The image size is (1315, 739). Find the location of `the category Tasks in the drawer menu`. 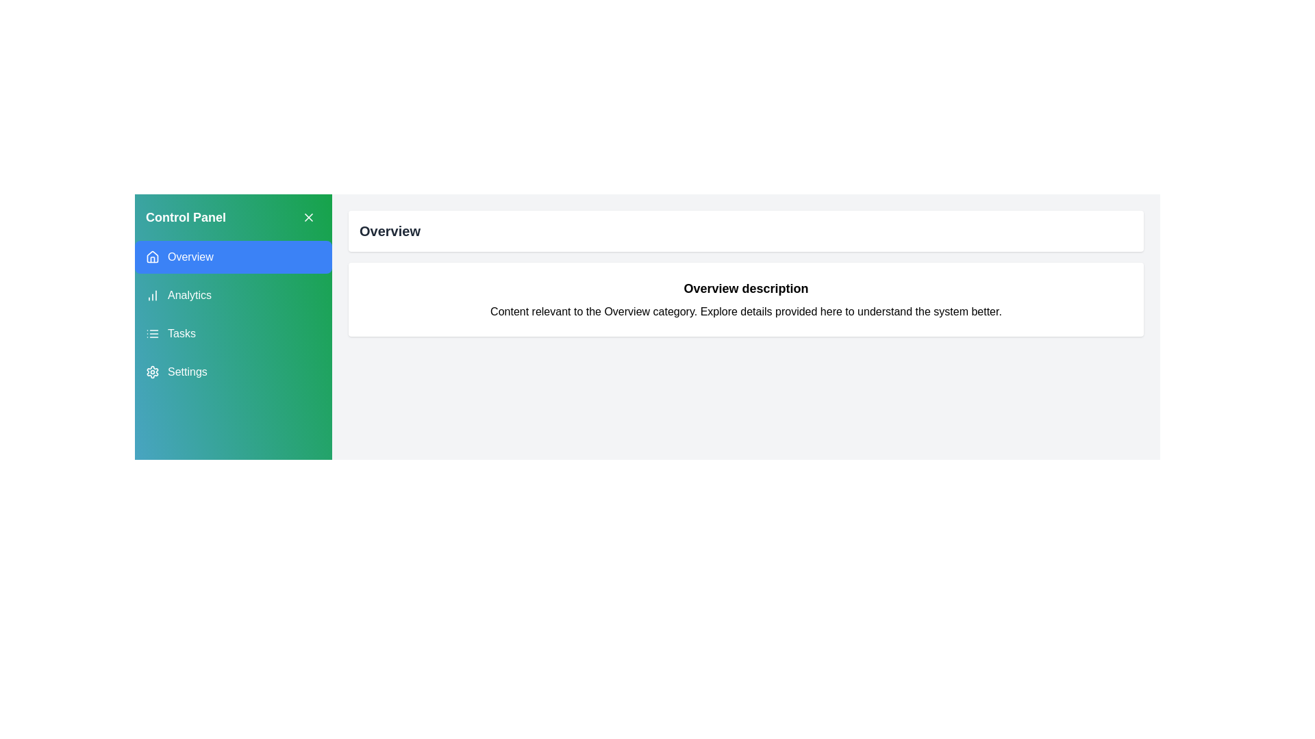

the category Tasks in the drawer menu is located at coordinates (233, 334).